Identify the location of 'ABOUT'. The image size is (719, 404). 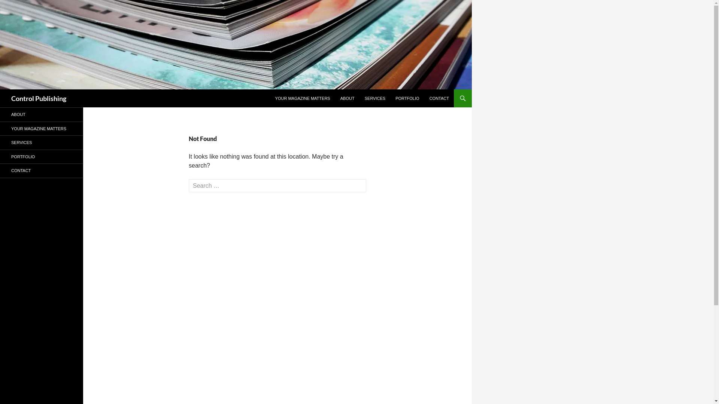
(336, 98).